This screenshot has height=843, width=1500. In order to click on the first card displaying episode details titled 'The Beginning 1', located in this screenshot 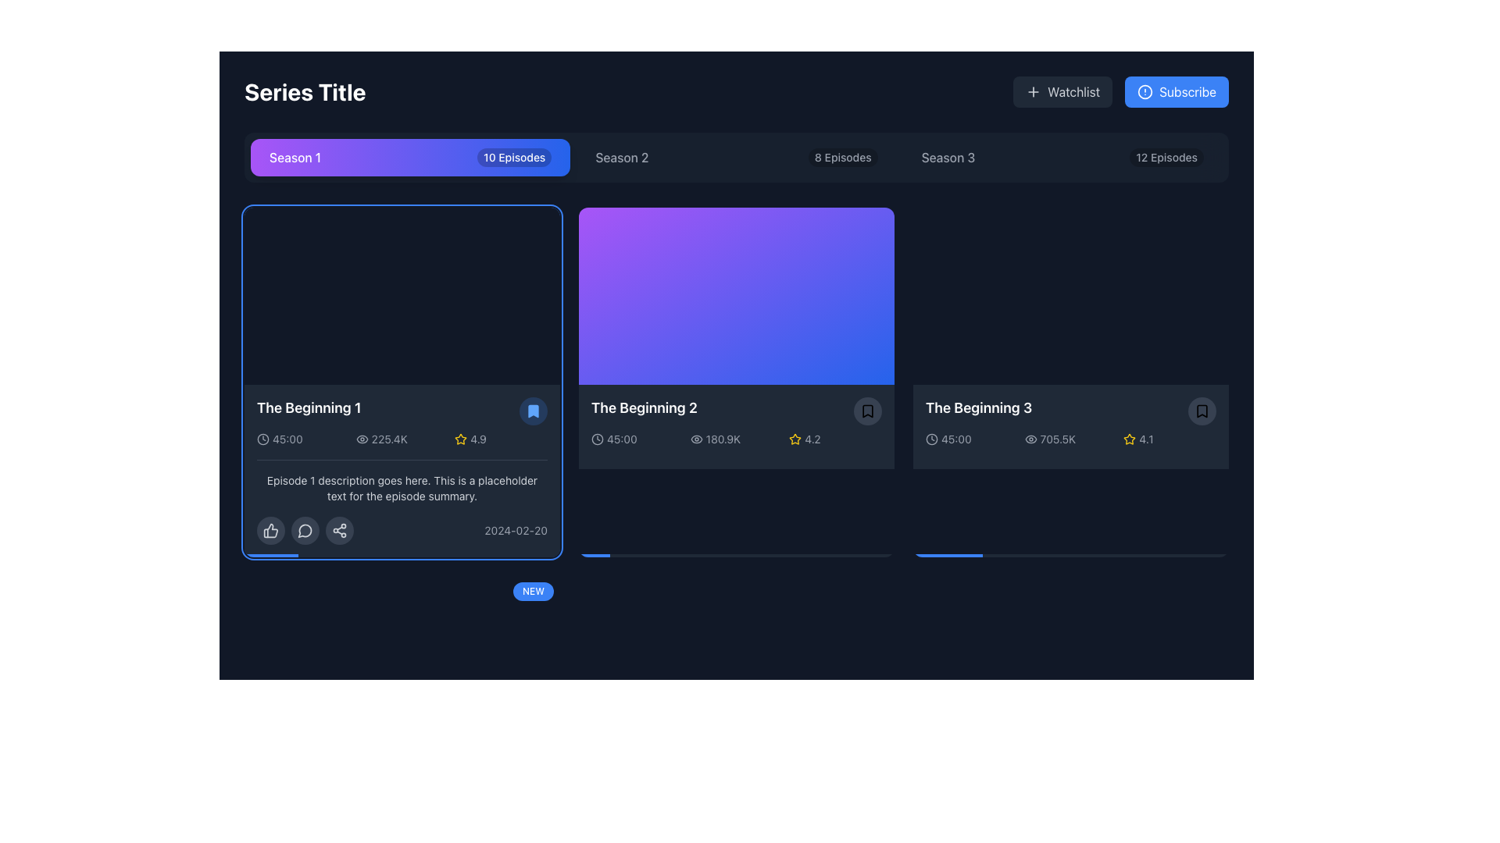, I will do `click(402, 382)`.